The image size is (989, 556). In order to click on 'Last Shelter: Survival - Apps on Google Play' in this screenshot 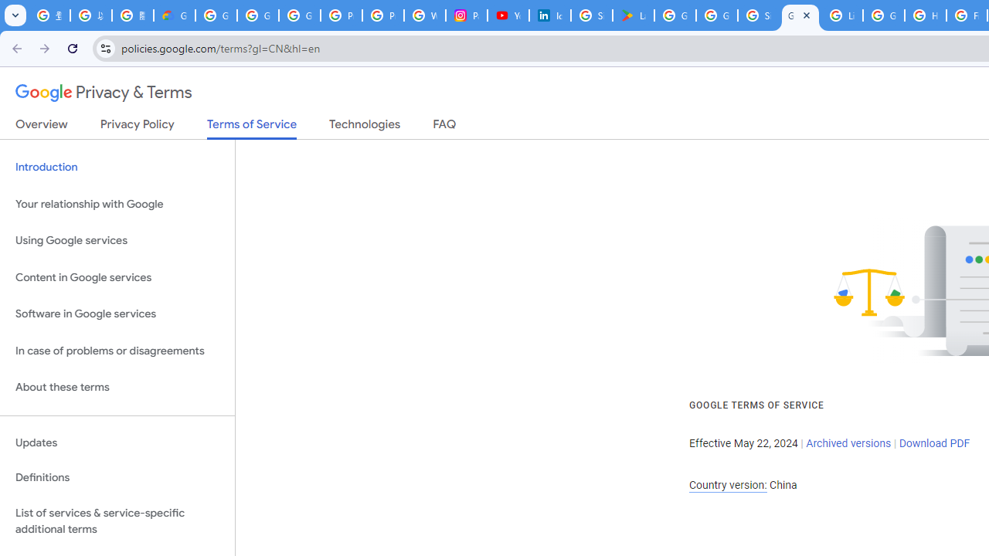, I will do `click(633, 15)`.